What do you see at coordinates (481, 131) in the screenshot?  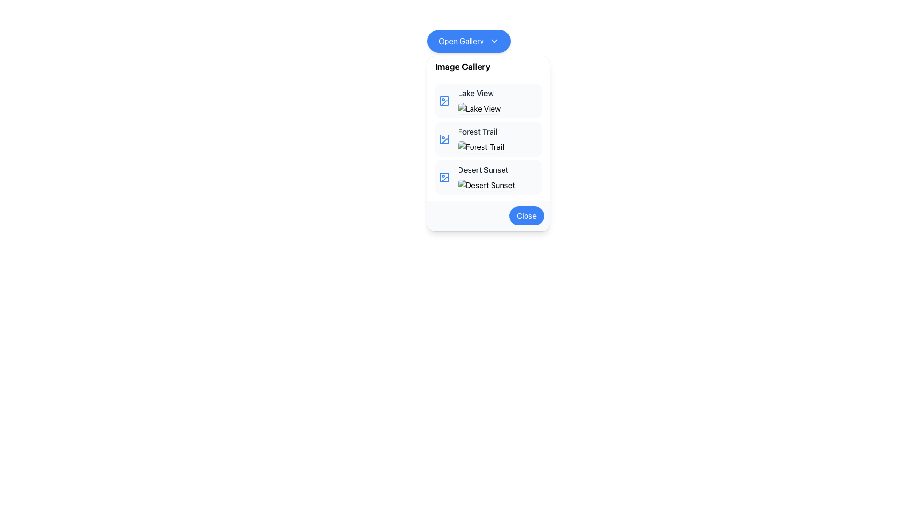 I see `the bolded text label indicating the description or title of the 'Forest Trail' image located in the second entry of the image gallery` at bounding box center [481, 131].